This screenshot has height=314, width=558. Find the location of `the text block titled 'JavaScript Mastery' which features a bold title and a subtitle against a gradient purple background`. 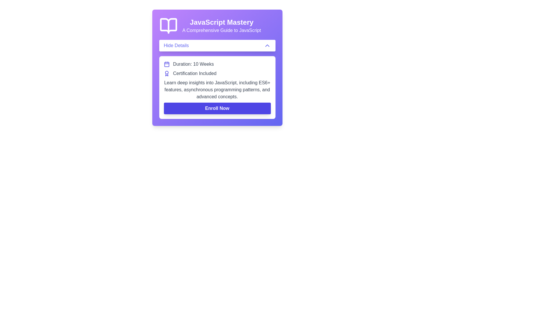

the text block titled 'JavaScript Mastery' which features a bold title and a subtitle against a gradient purple background is located at coordinates (221, 25).